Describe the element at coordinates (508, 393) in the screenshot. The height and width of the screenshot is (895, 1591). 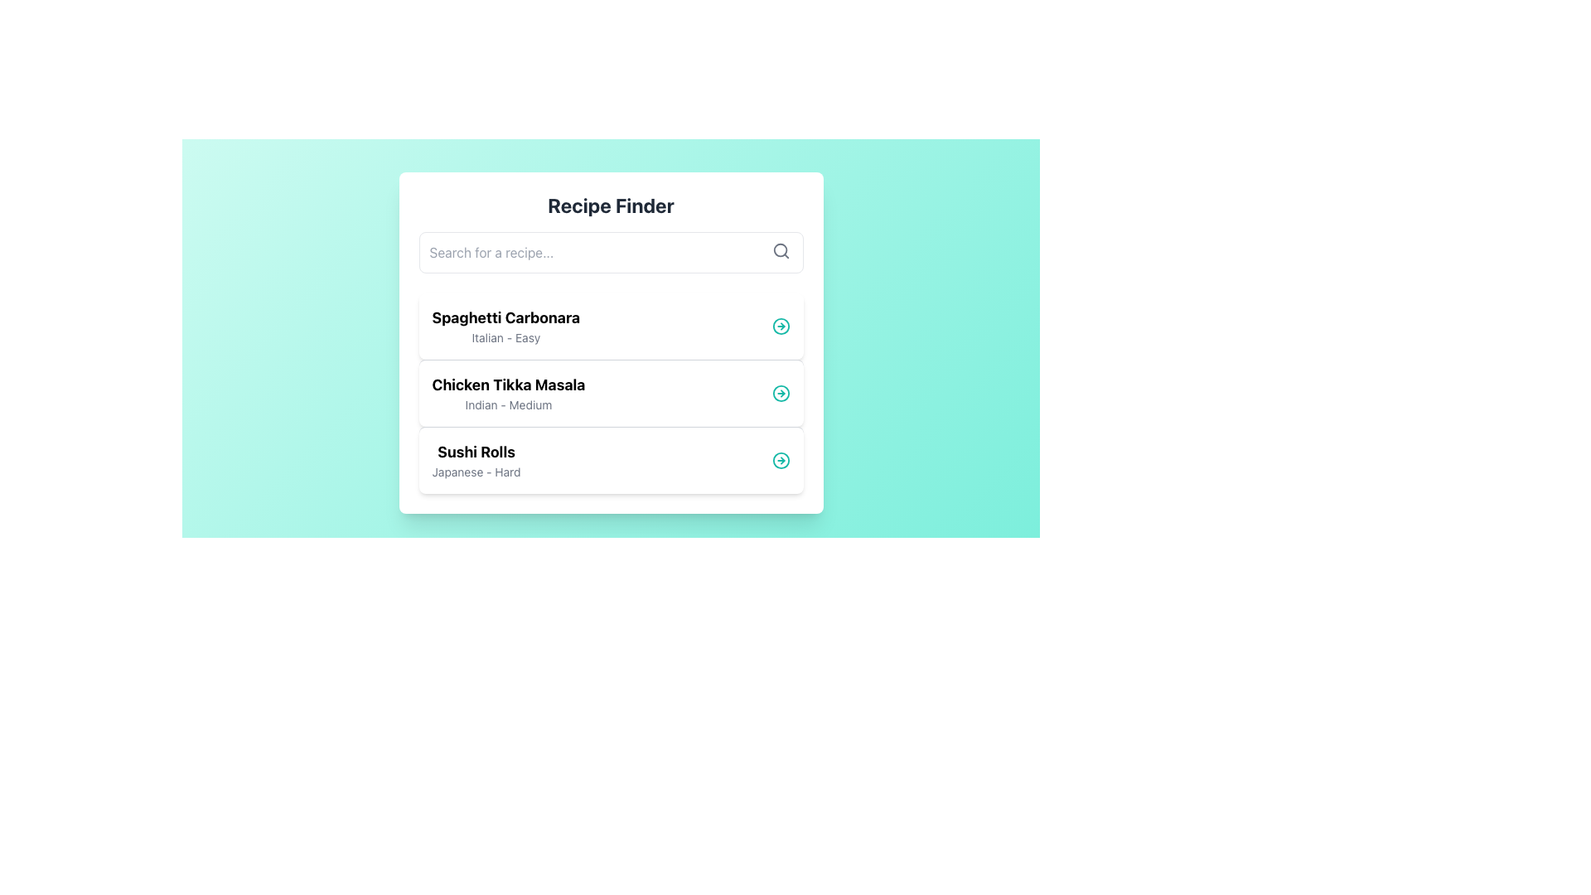
I see `text label displaying 'Chicken Tikka Masala' in bold black font, which is the second item in a vertical list within a white card-like area` at that location.